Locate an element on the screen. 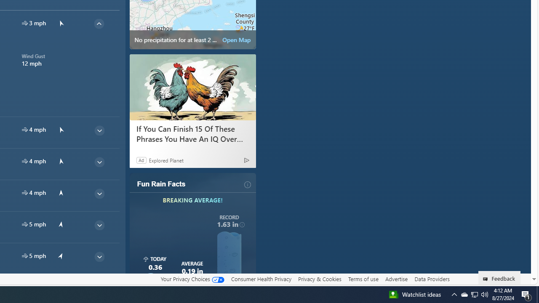 The image size is (539, 303). 'Terms of use' is located at coordinates (363, 279).